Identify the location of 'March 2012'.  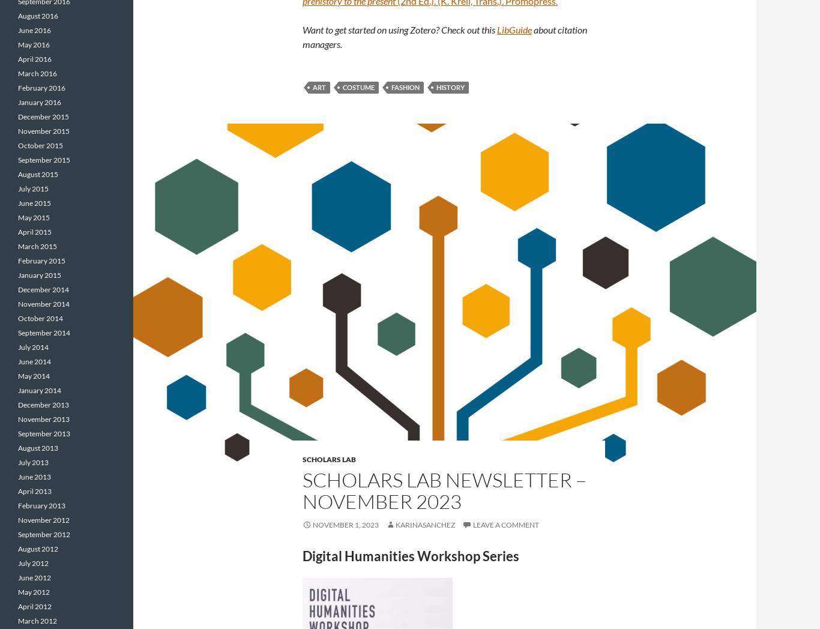
(37, 621).